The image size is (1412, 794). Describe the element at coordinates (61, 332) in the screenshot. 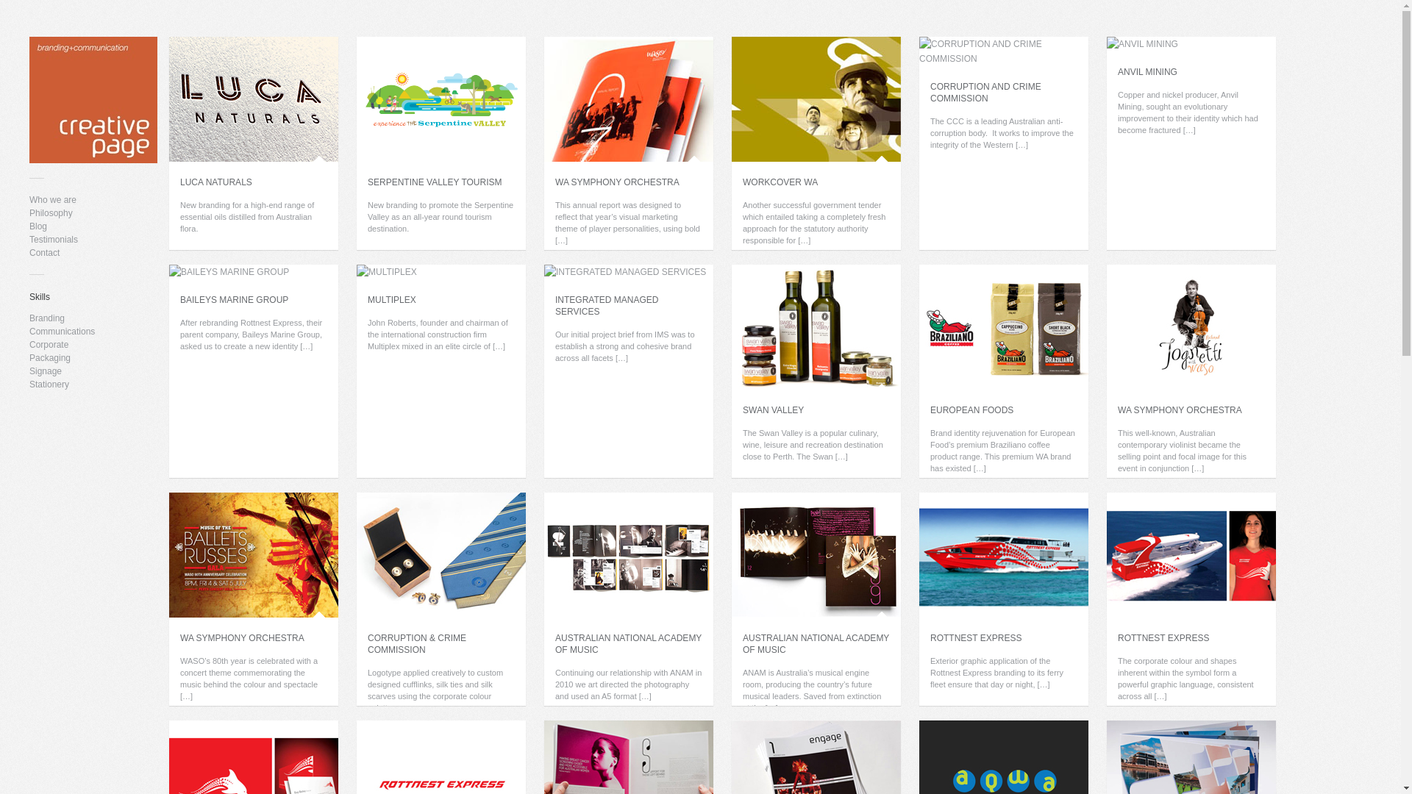

I see `'Communications'` at that location.